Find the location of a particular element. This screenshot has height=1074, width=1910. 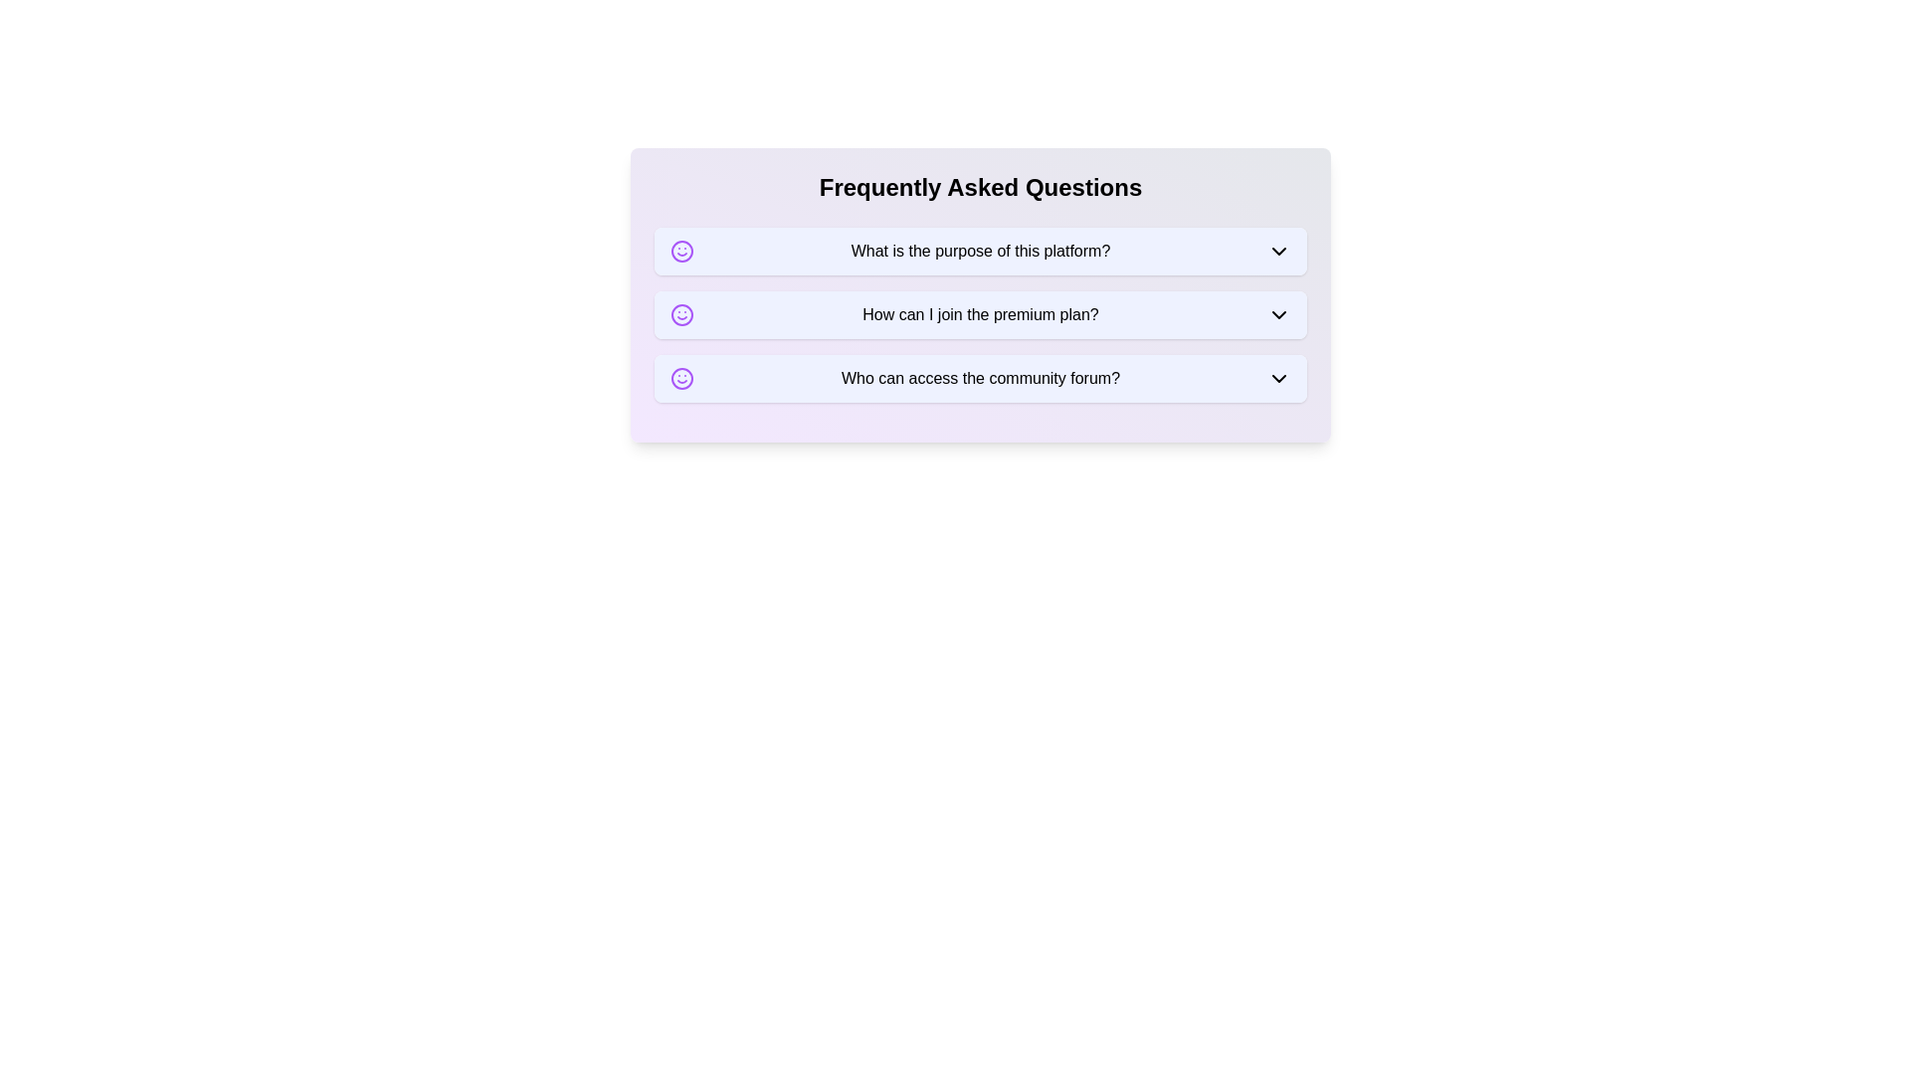

the purple smiley face icon located in the second row of the FAQ section, which corresponds to the question 'How can I join the premium plan?' is located at coordinates (682, 313).